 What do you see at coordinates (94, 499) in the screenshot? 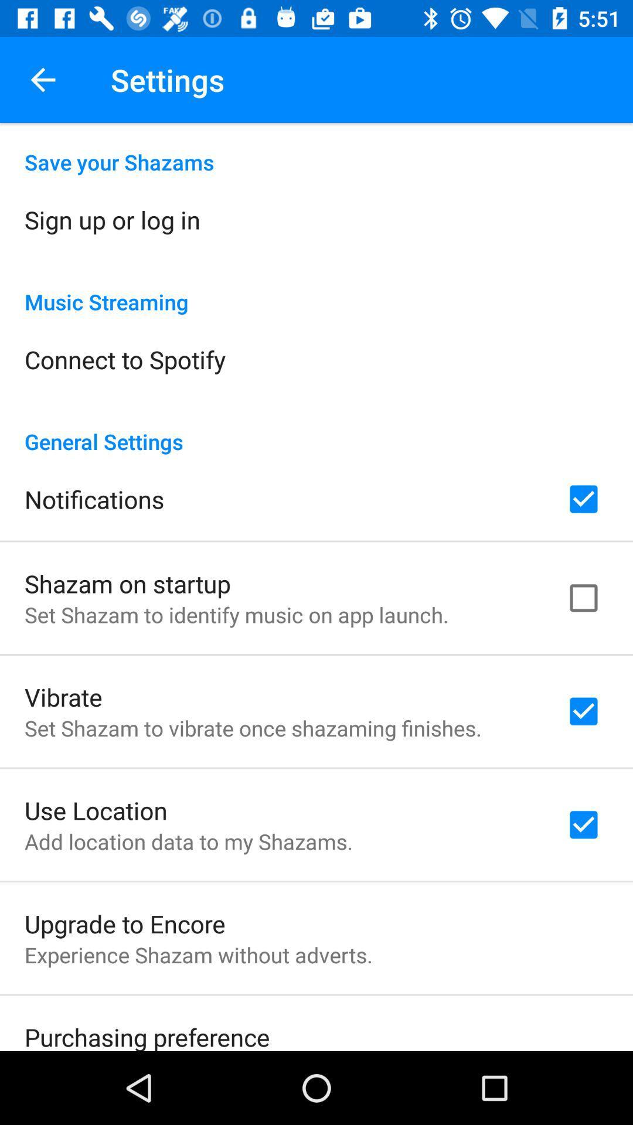
I see `the icon above shazam on startup icon` at bounding box center [94, 499].